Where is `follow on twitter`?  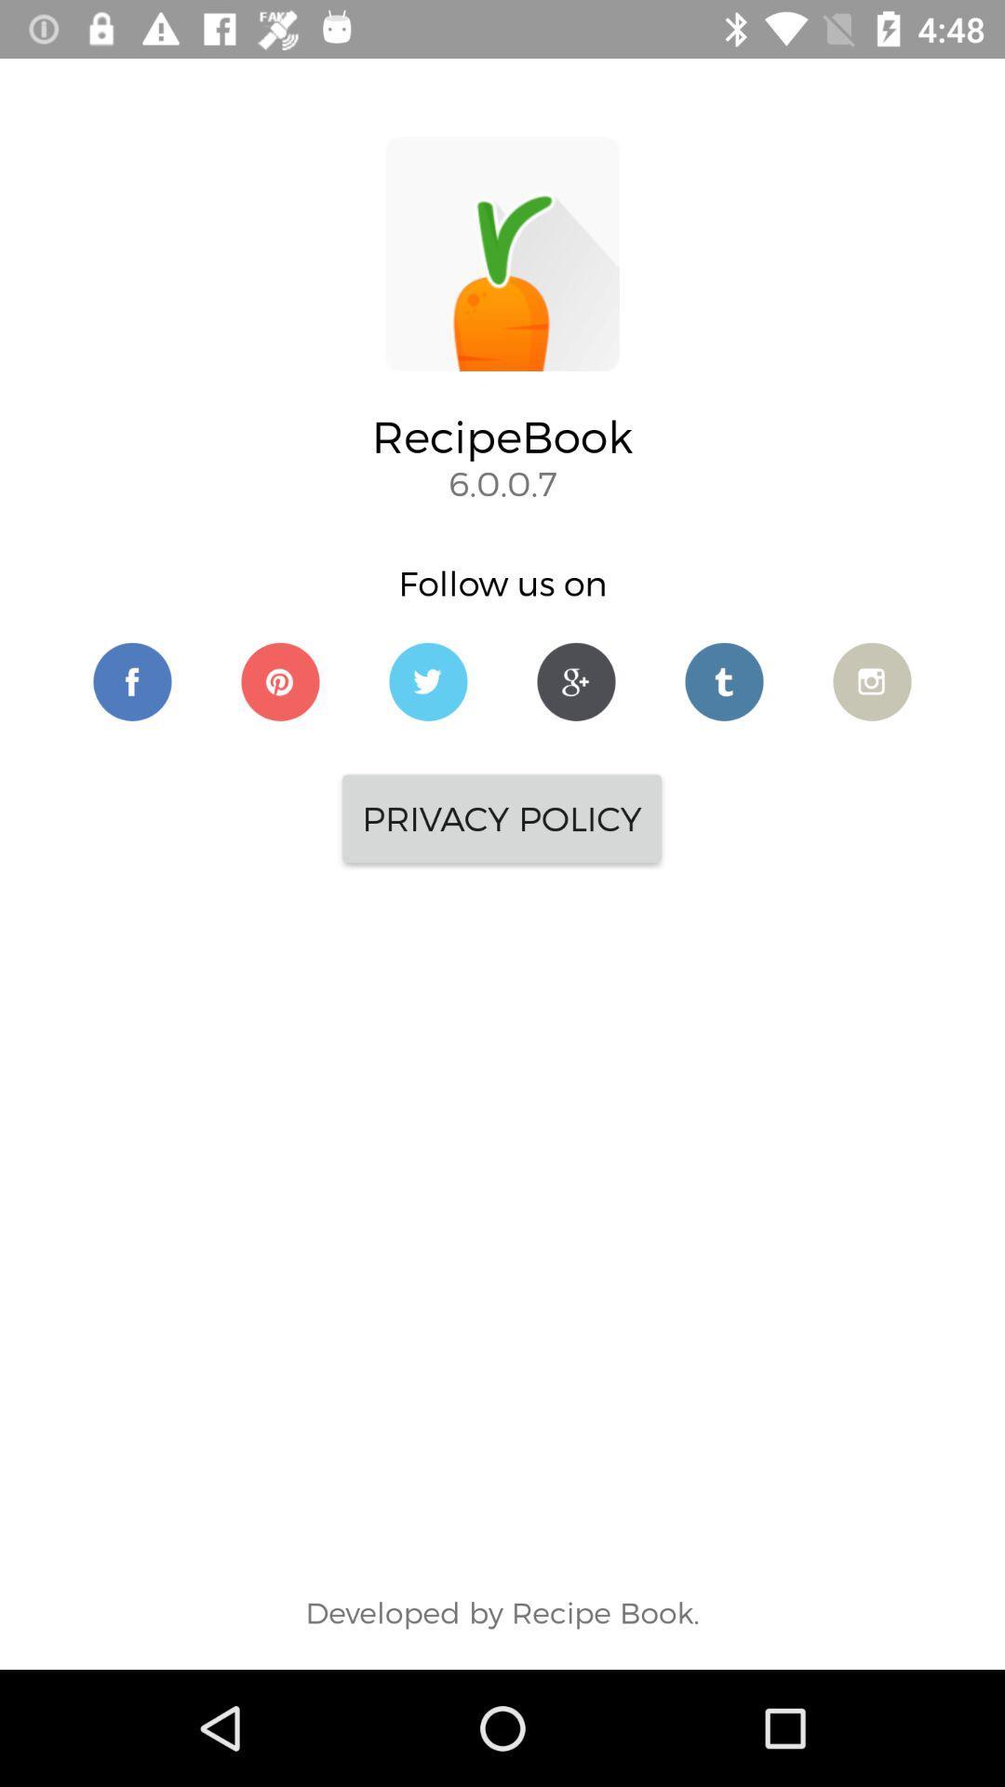
follow on twitter is located at coordinates (428, 680).